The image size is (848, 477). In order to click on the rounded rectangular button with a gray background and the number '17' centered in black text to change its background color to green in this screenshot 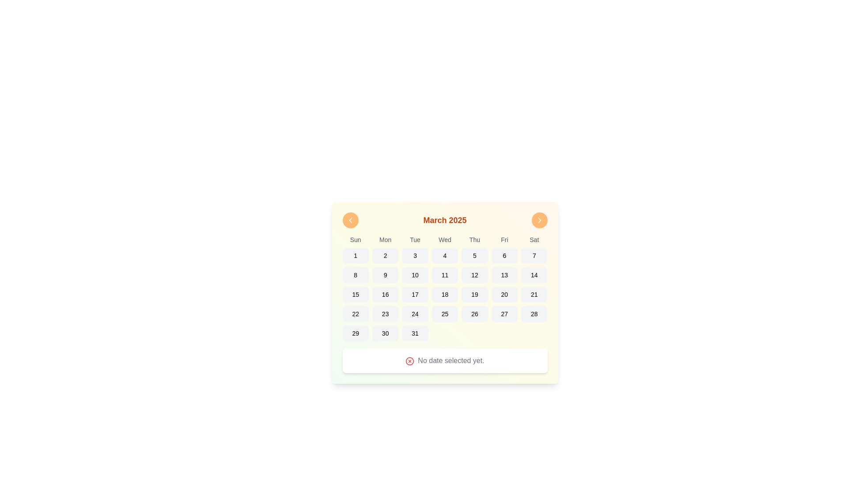, I will do `click(415, 295)`.